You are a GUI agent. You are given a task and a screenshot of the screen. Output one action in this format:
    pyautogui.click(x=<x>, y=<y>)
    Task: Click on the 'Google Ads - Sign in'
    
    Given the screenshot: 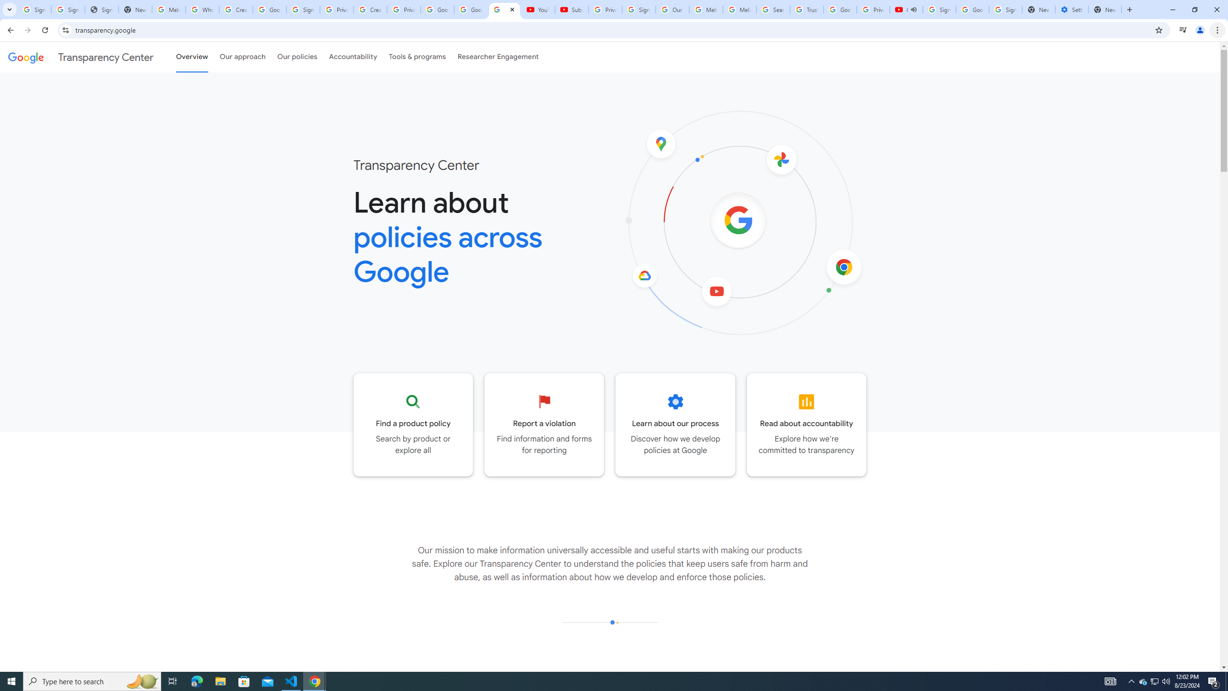 What is the action you would take?
    pyautogui.click(x=839, y=9)
    